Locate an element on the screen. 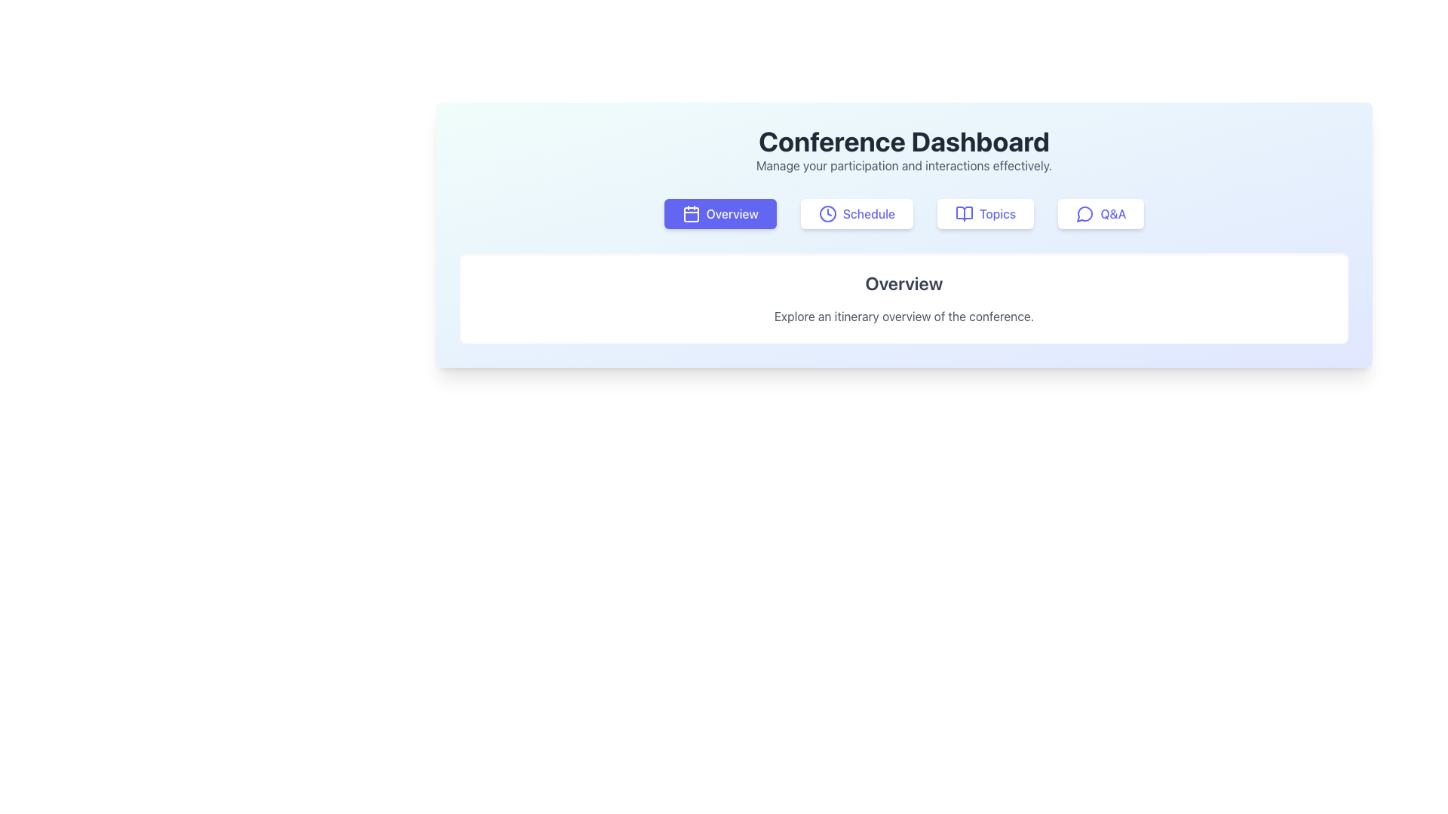  the 'Overview' button, which is the first button in the navigation bar of the 'Conference Dashboard' is located at coordinates (719, 214).